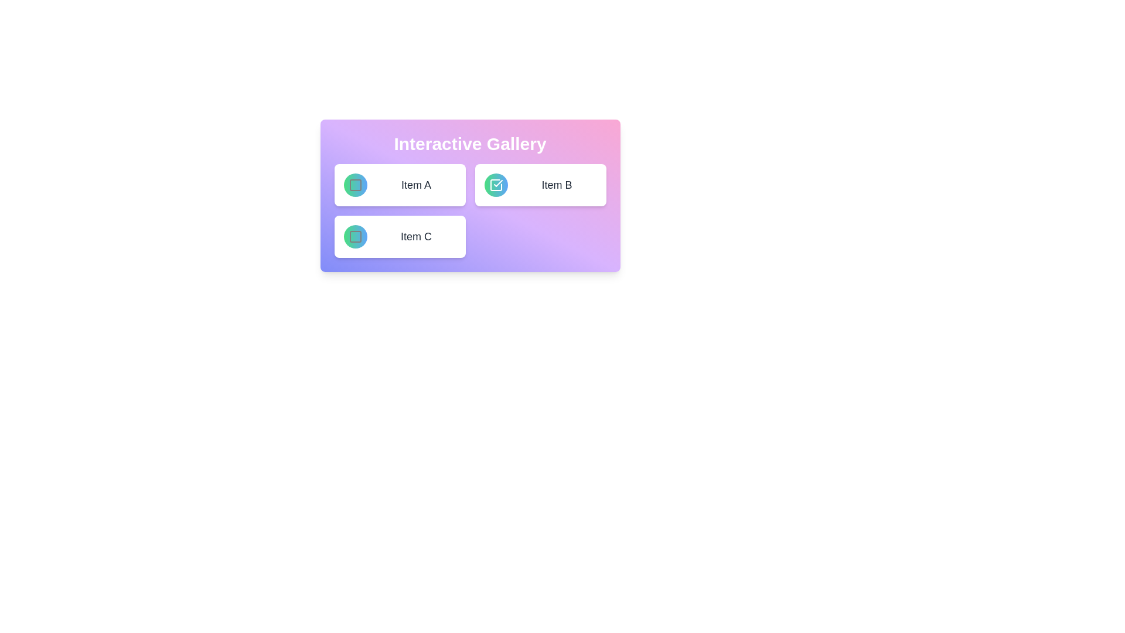 The width and height of the screenshot is (1125, 633). Describe the element at coordinates (354, 185) in the screenshot. I see `the decorative square-shaped icon with rounded corners that is styled with a gradient fill transitioning from green to blue, located at the top-left corner of the 'Item A' section in the 'Interactive Gallery'` at that location.